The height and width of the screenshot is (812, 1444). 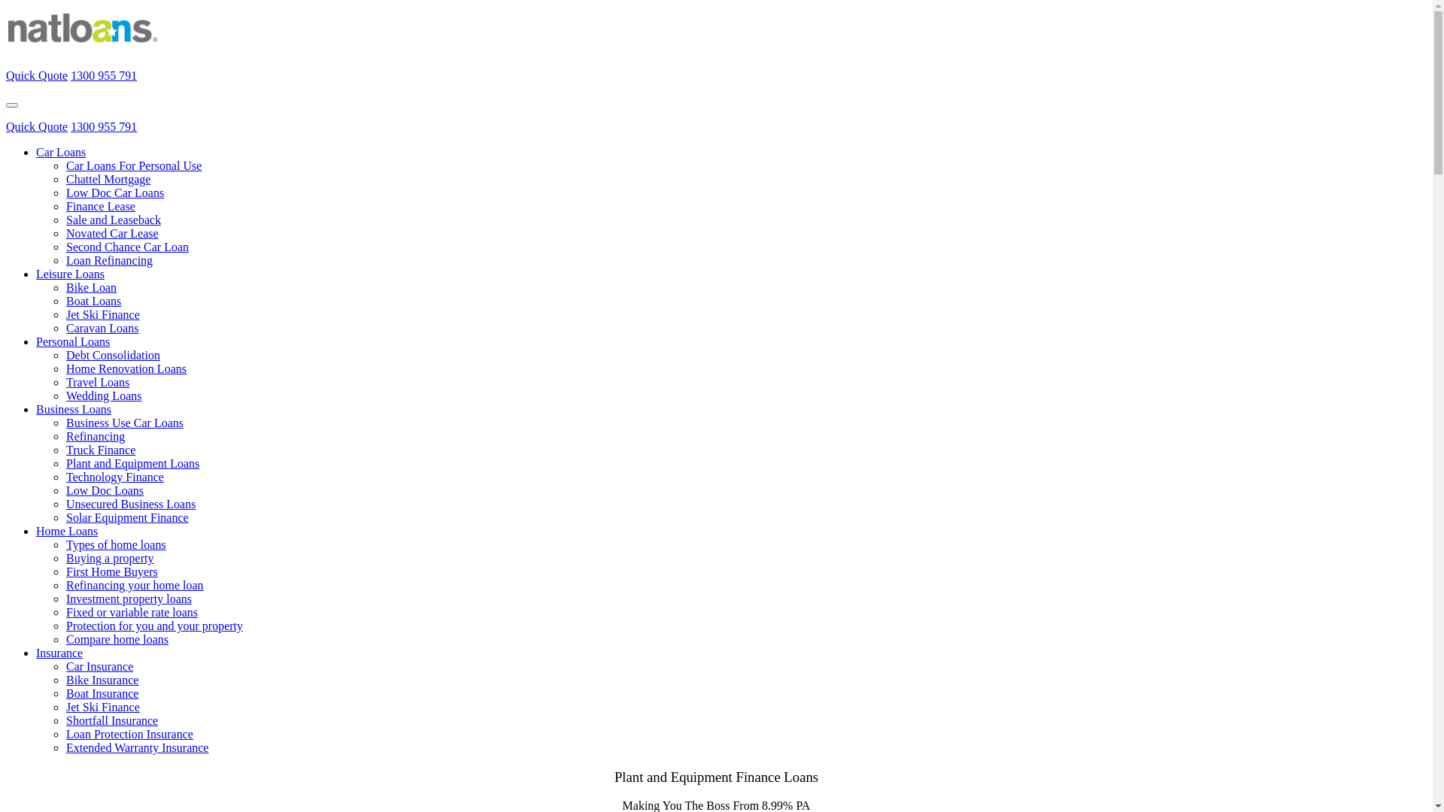 What do you see at coordinates (130, 504) in the screenshot?
I see `'Unsecured Business Loans'` at bounding box center [130, 504].